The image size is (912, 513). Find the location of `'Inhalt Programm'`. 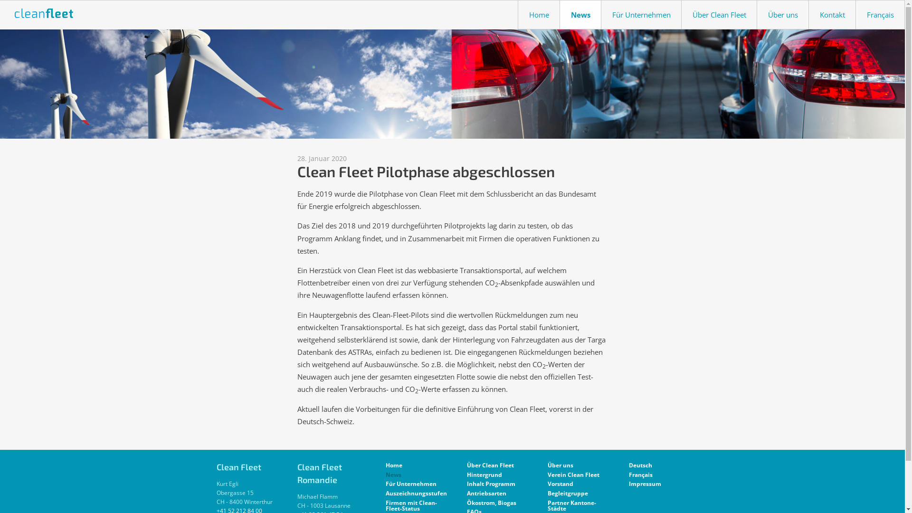

'Inhalt Programm' is located at coordinates (459, 484).